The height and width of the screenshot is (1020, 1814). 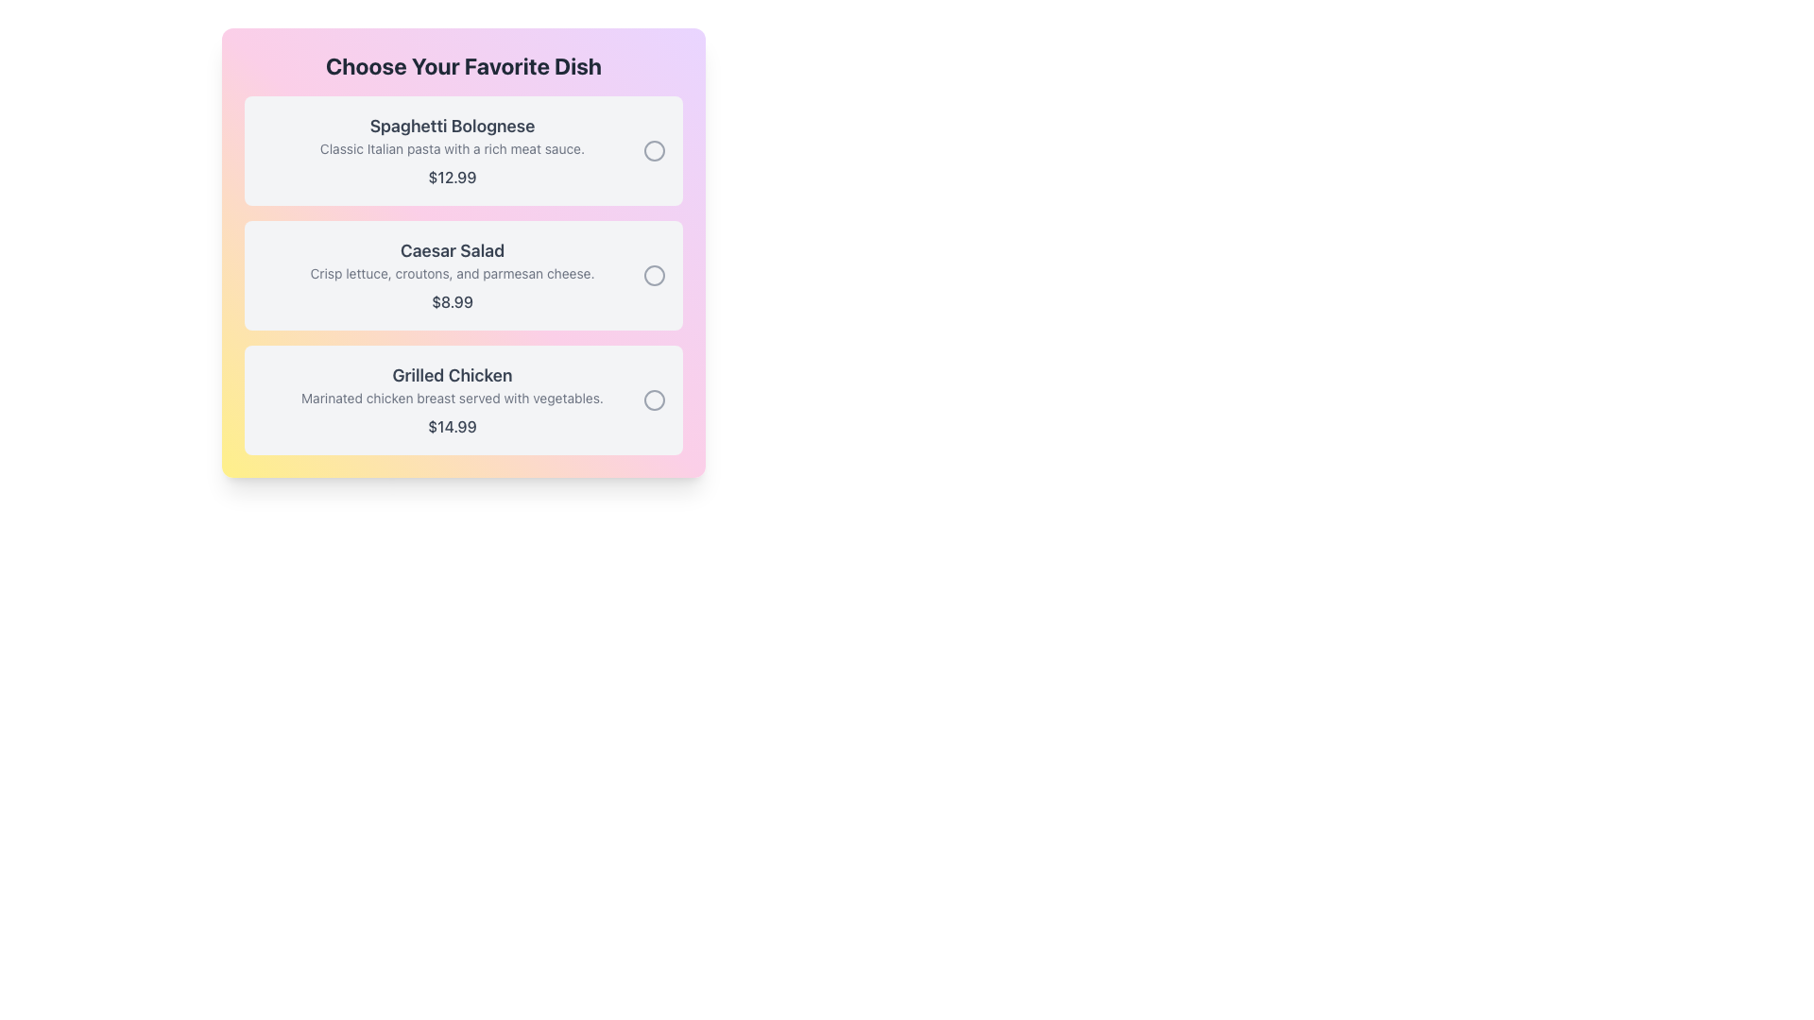 What do you see at coordinates (452, 397) in the screenshot?
I see `the static text element that provides additional details about the dish 'Grilled Chicken', located below the title and above the price in the menu` at bounding box center [452, 397].